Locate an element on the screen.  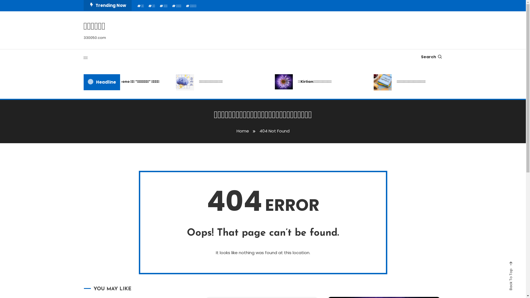
'Search' is located at coordinates (431, 57).